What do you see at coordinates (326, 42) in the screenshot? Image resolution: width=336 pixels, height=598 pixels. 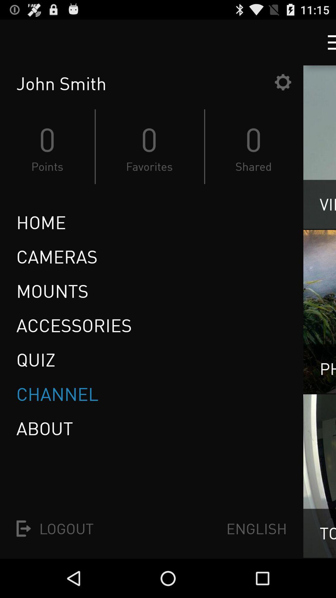 I see `main menu` at bounding box center [326, 42].